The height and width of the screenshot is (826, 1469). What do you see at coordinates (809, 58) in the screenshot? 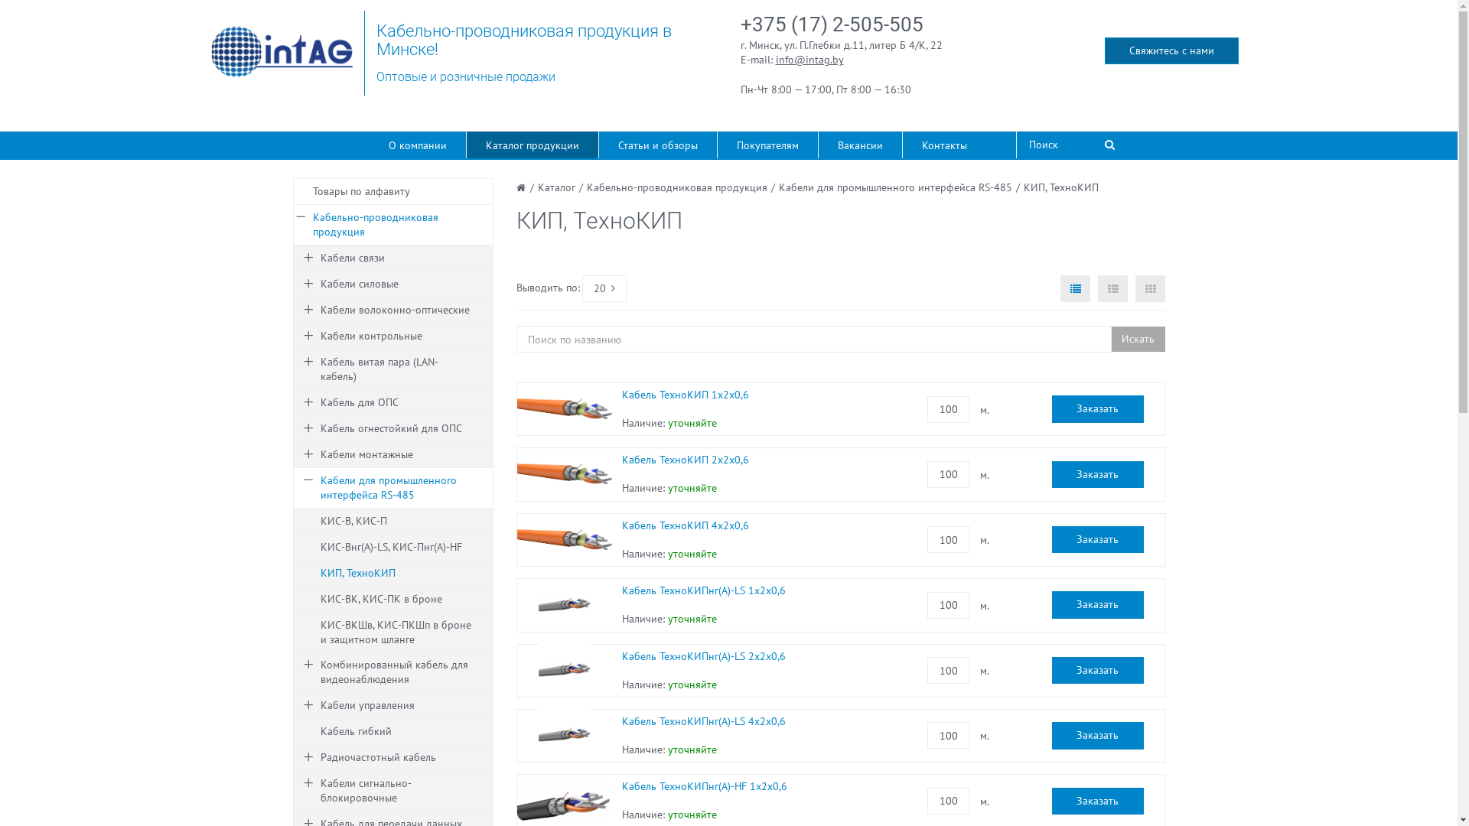
I see `'info@intag.by'` at bounding box center [809, 58].